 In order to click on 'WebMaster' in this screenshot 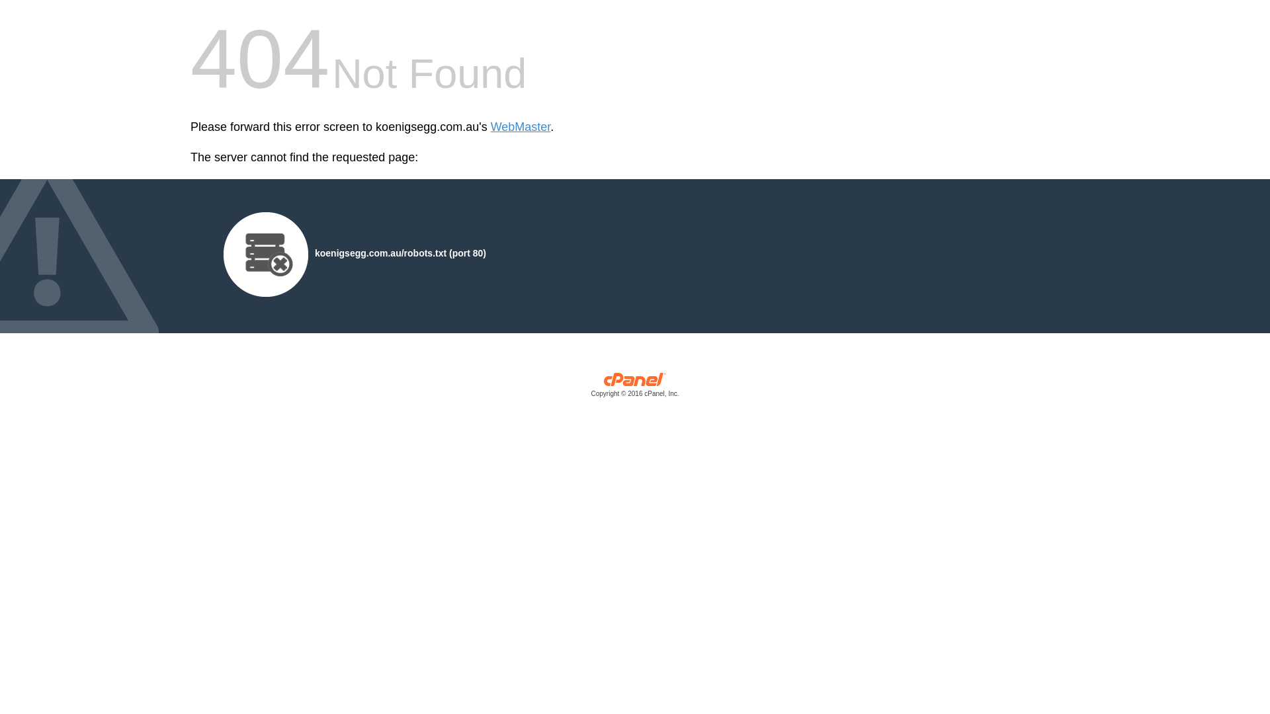, I will do `click(520, 127)`.